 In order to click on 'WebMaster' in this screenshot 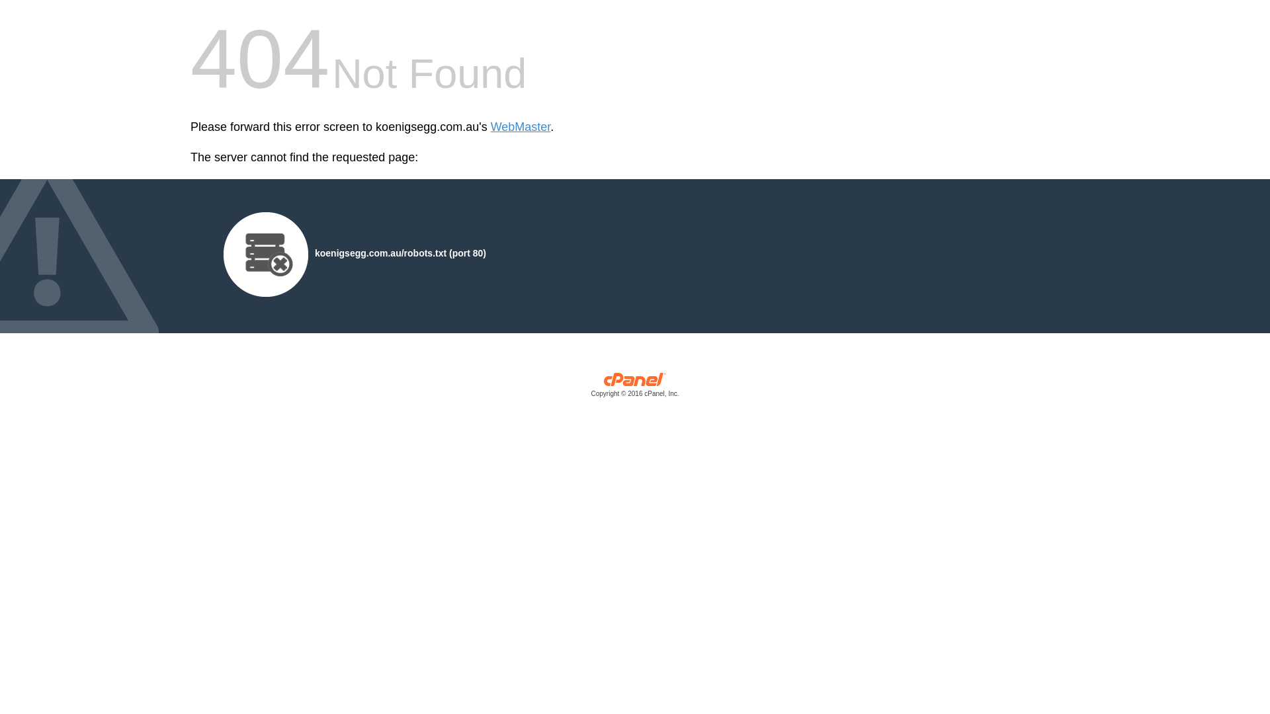, I will do `click(520, 127)`.